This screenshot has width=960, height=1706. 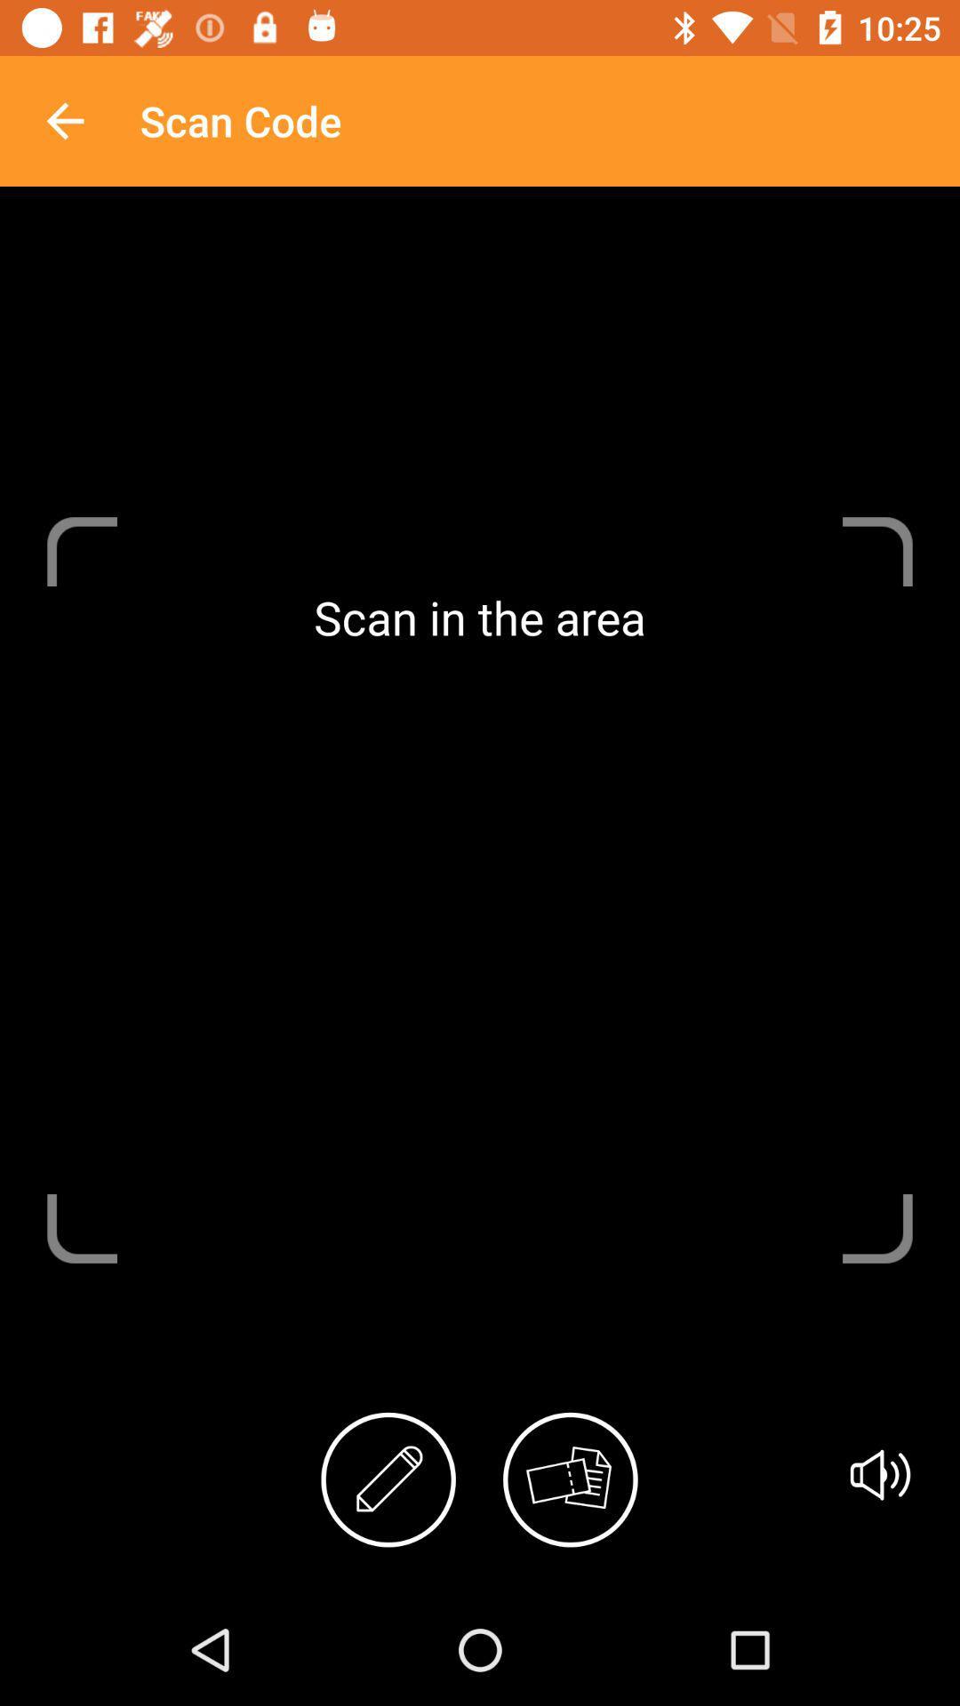 What do you see at coordinates (880, 1475) in the screenshot?
I see `the volume icon` at bounding box center [880, 1475].